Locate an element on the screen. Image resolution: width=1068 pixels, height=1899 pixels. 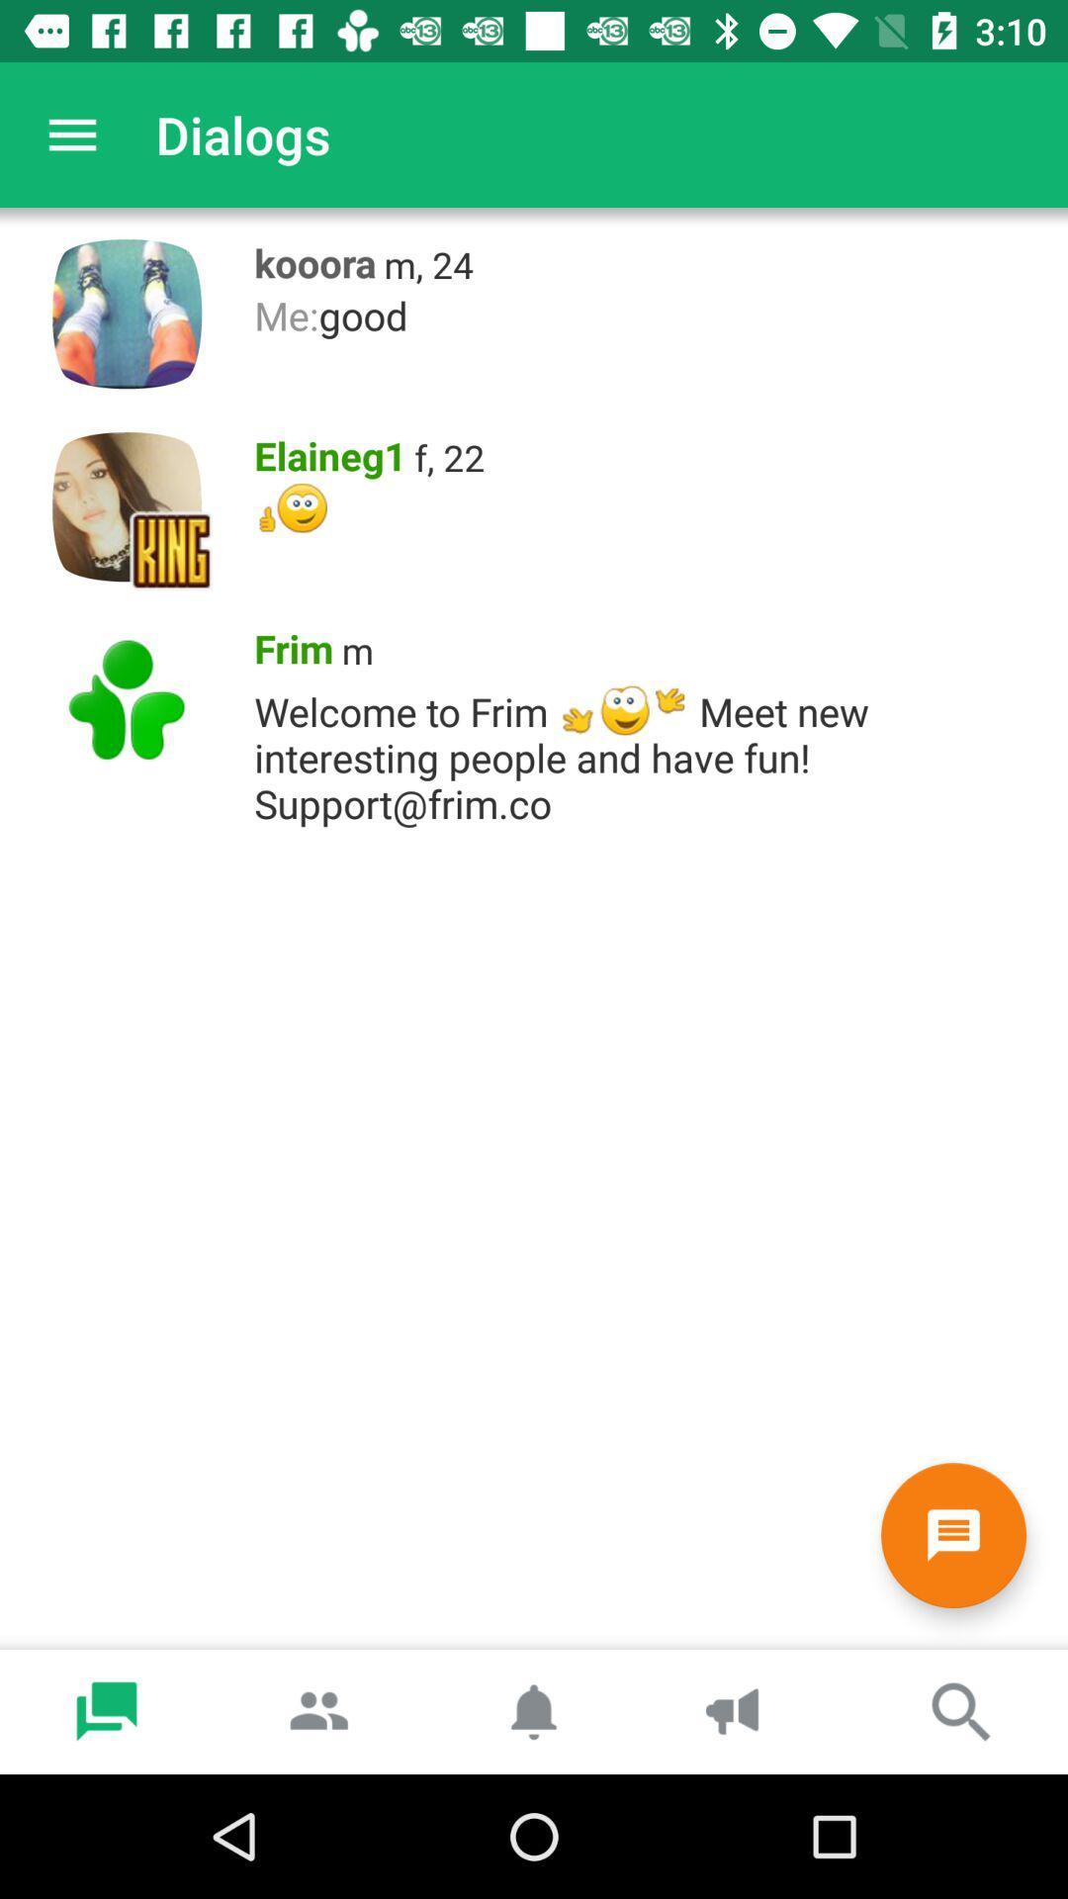
the chat icon is located at coordinates (952, 1534).